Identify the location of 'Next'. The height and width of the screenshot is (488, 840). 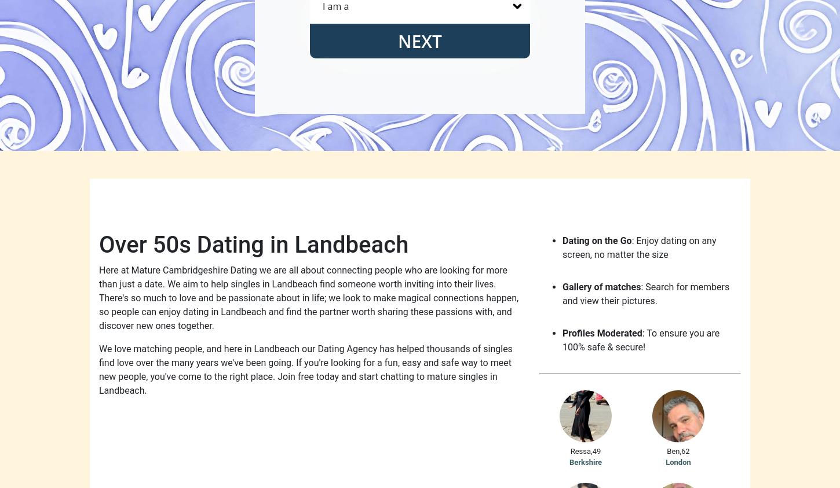
(419, 40).